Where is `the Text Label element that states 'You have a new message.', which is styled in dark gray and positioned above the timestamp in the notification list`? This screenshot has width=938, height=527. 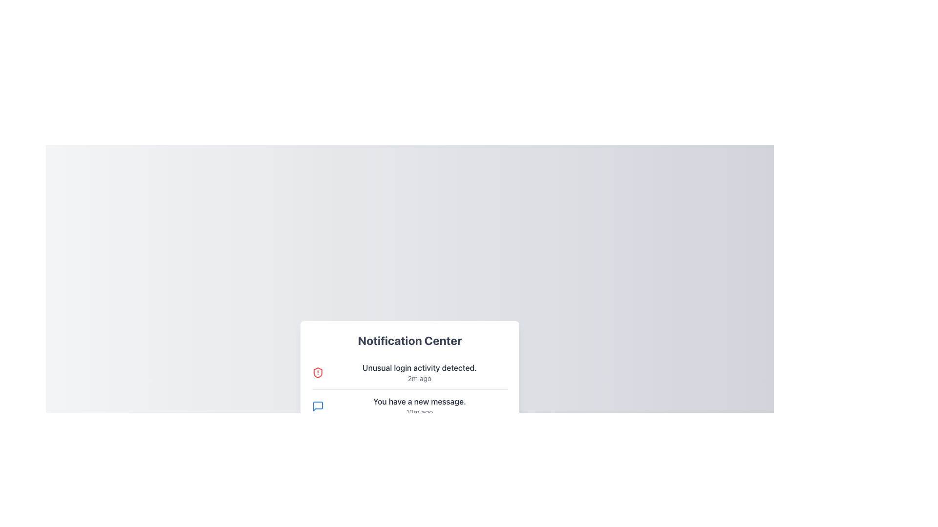 the Text Label element that states 'You have a new message.', which is styled in dark gray and positioned above the timestamp in the notification list is located at coordinates (420, 401).